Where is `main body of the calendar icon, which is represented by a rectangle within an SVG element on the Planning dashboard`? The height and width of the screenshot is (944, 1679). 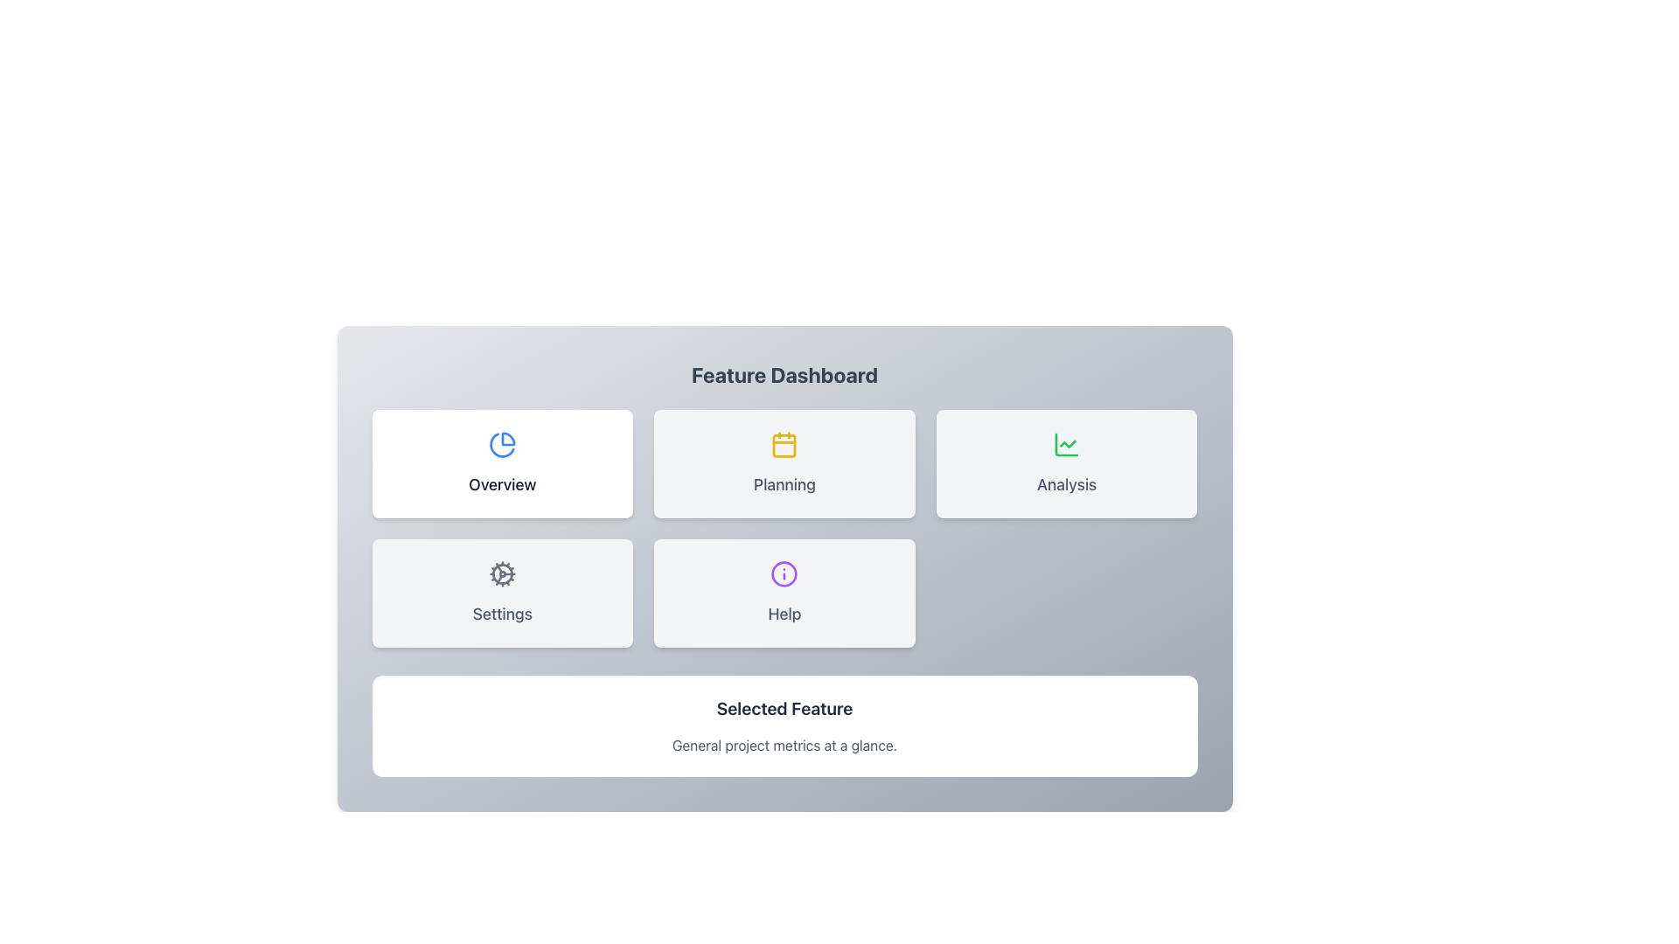
main body of the calendar icon, which is represented by a rectangle within an SVG element on the Planning dashboard is located at coordinates (784, 445).